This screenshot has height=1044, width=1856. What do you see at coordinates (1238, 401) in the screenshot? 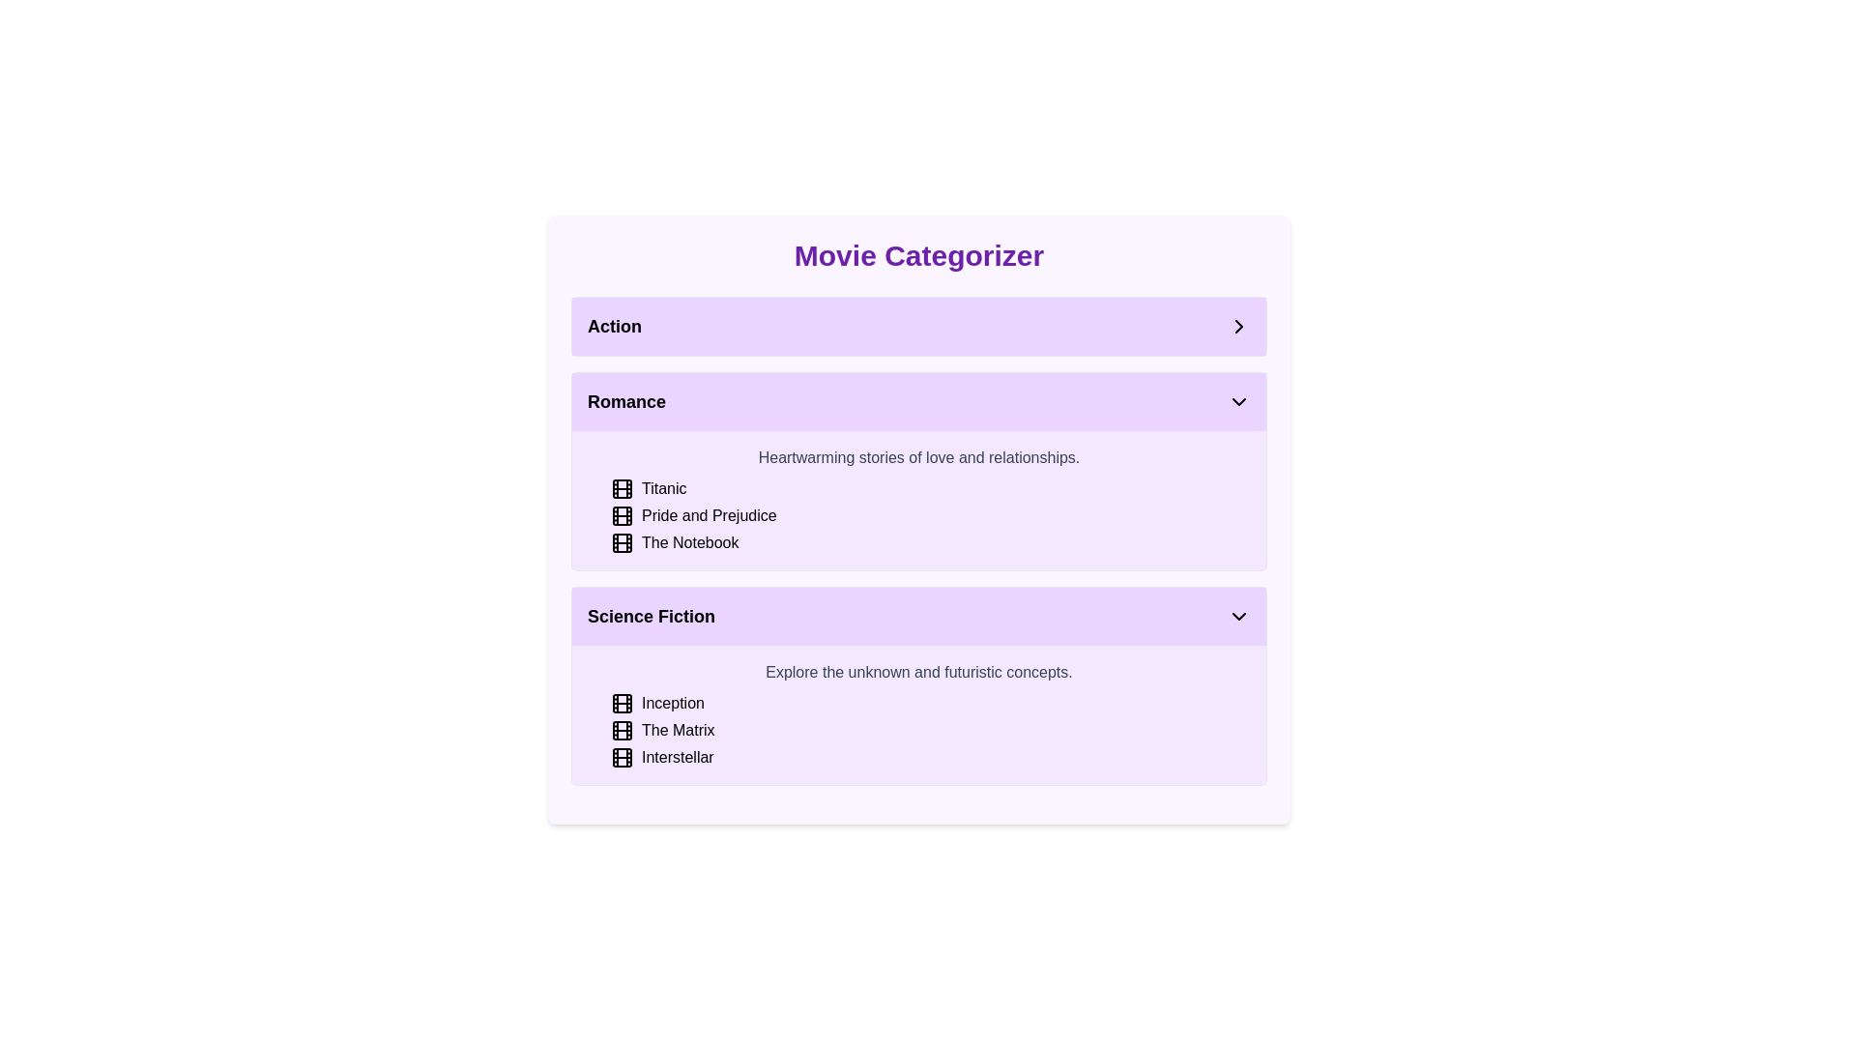
I see `the downward-pointing chevron-shaped icon in the upper-right corner of the 'Romance' section header` at bounding box center [1238, 401].